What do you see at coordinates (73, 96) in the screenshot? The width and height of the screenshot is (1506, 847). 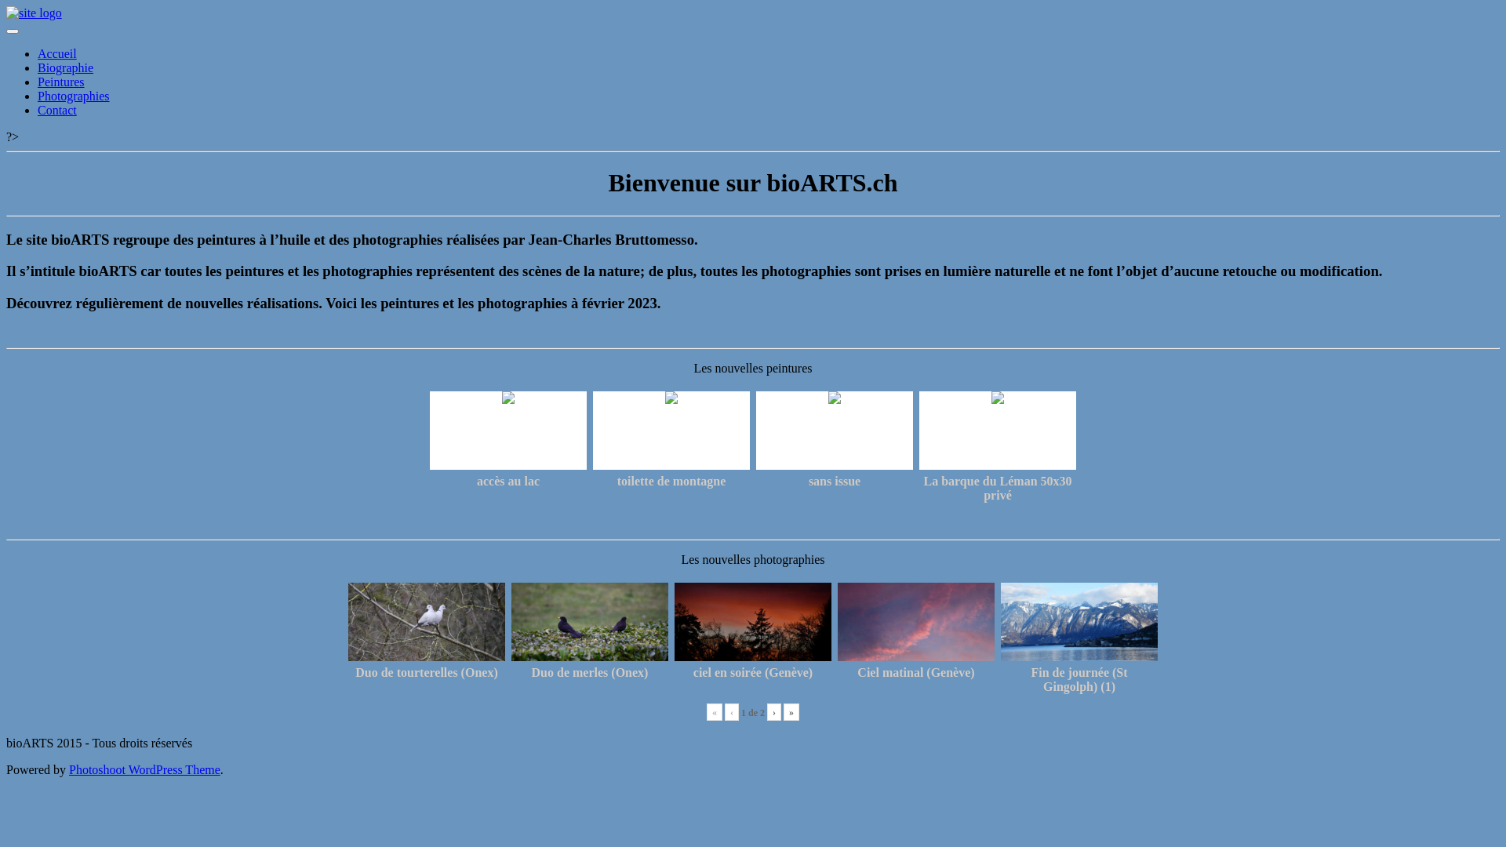 I see `'Photographies'` at bounding box center [73, 96].